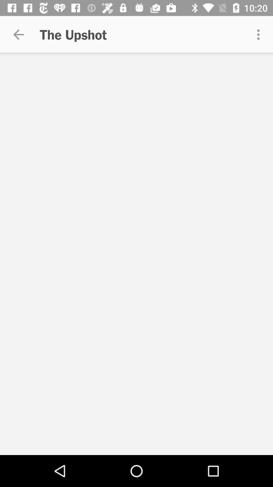 The width and height of the screenshot is (273, 487). I want to click on the item next to the the upshot, so click(18, 34).